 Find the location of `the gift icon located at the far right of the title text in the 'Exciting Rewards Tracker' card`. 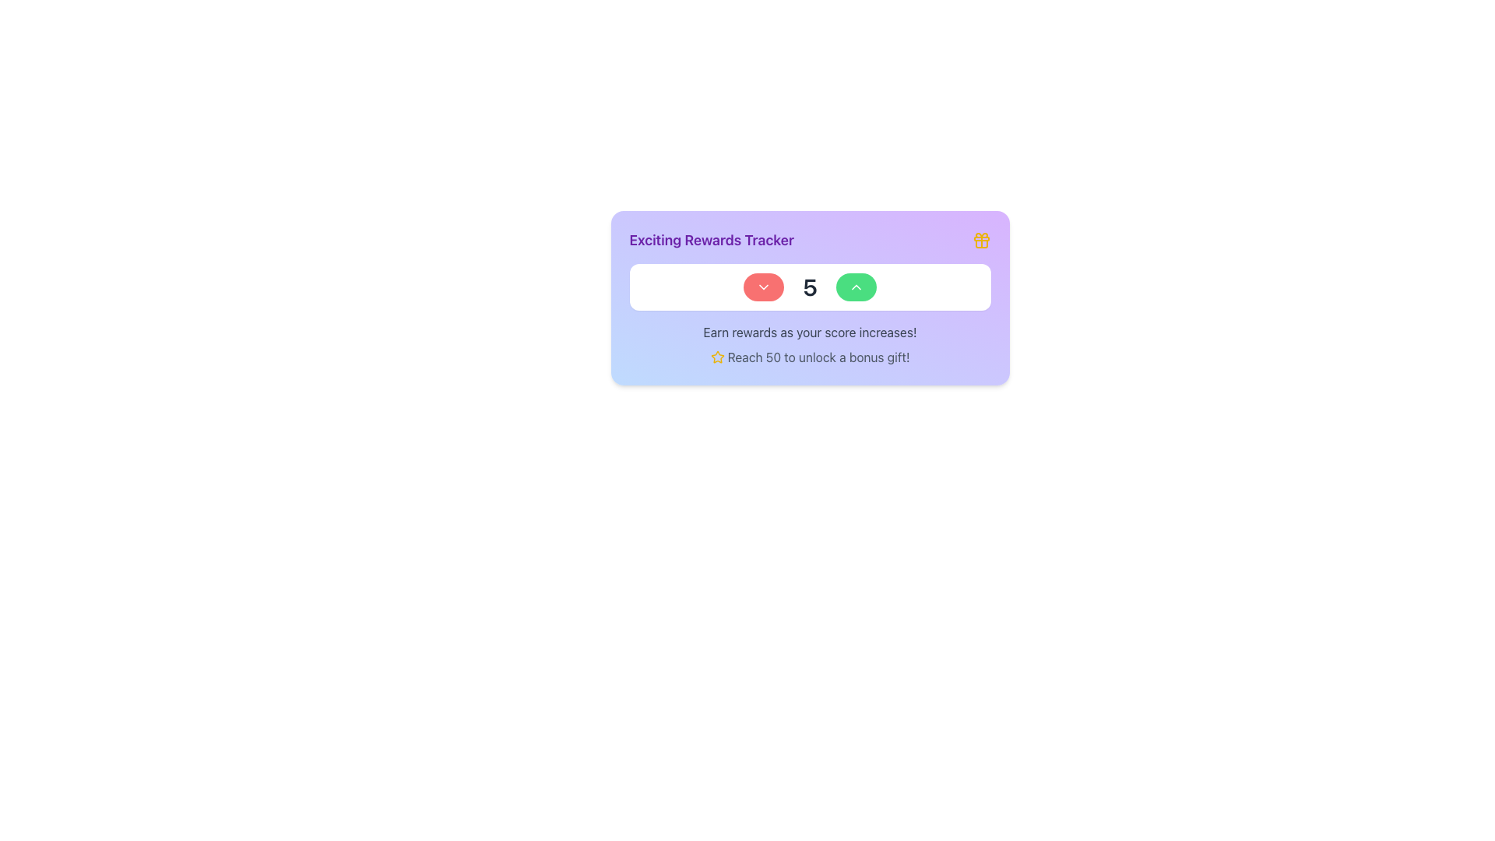

the gift icon located at the far right of the title text in the 'Exciting Rewards Tracker' card is located at coordinates (980, 240).